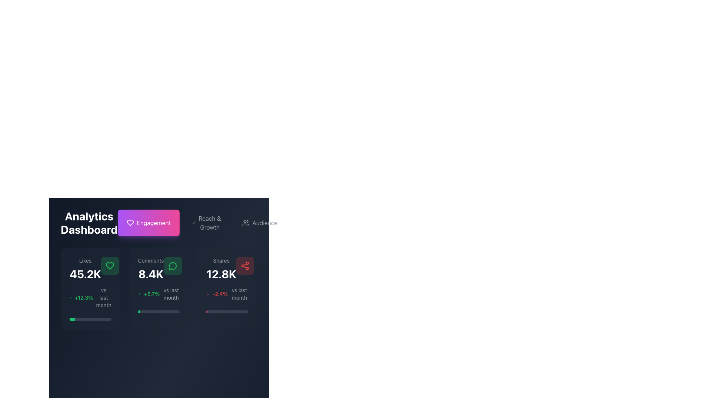 This screenshot has width=711, height=400. What do you see at coordinates (227, 294) in the screenshot?
I see `the text and icon combination indicating a decrease of -2.4% in the 'Shares' metric, located in the lower section of the 'Shares' card` at bounding box center [227, 294].